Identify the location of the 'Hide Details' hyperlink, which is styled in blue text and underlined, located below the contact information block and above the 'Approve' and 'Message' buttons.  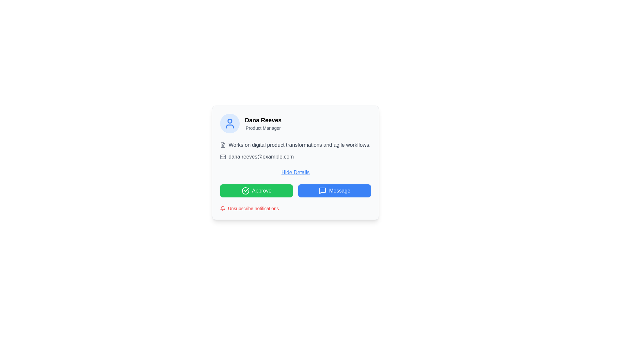
(295, 172).